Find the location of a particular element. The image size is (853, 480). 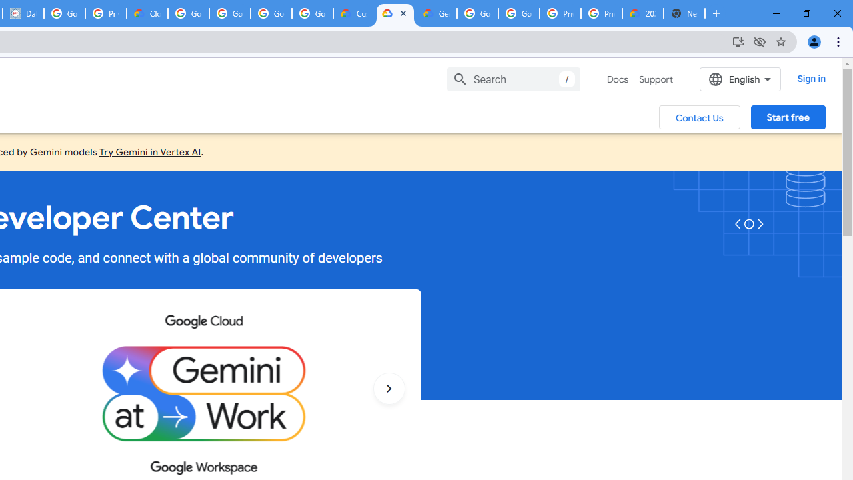

'Support' is located at coordinates (656, 79).